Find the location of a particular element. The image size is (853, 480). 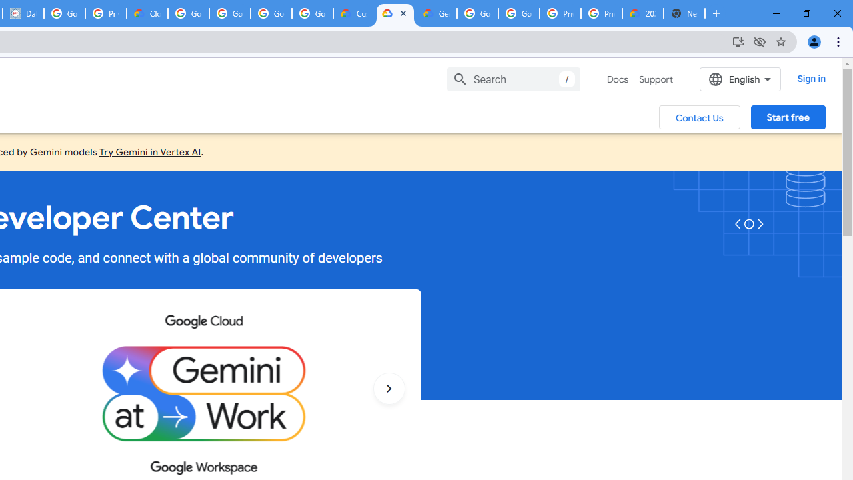

'Support' is located at coordinates (656, 79).